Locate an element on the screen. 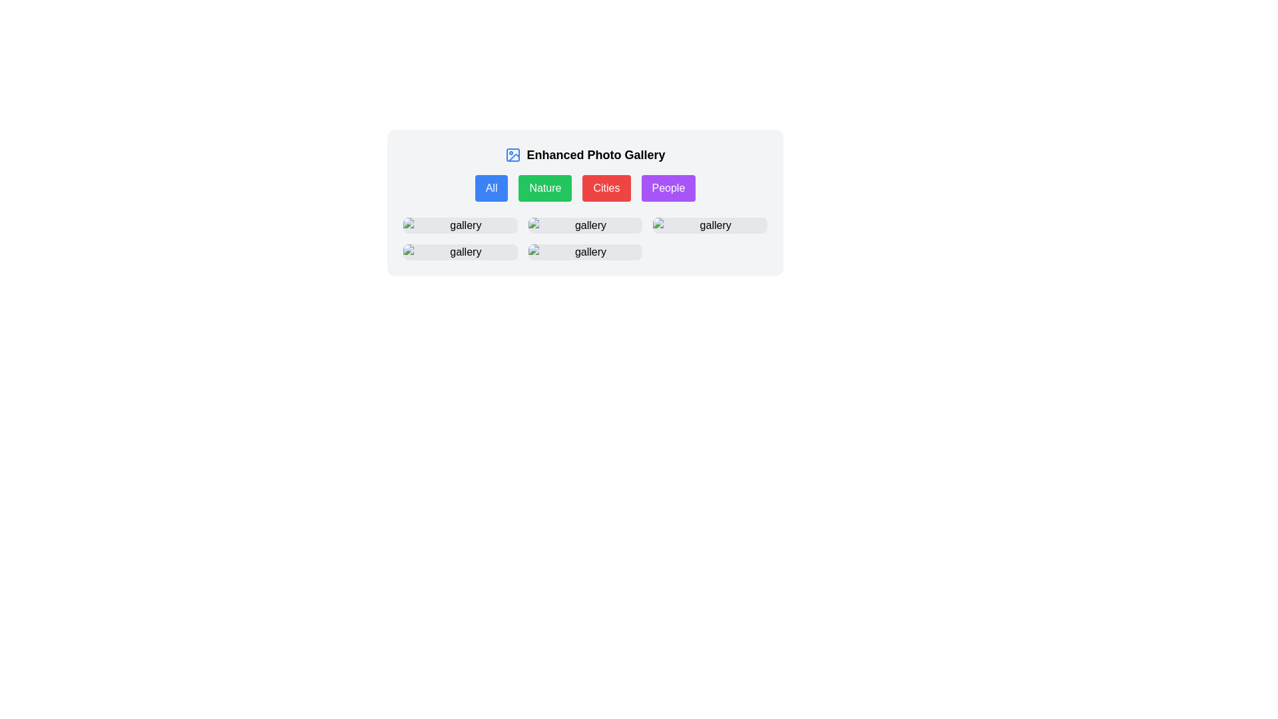 Image resolution: width=1278 pixels, height=719 pixels. the 'Cities' filter button in the Enhanced Photo Gallery section to trigger a visual effect is located at coordinates (585, 188).